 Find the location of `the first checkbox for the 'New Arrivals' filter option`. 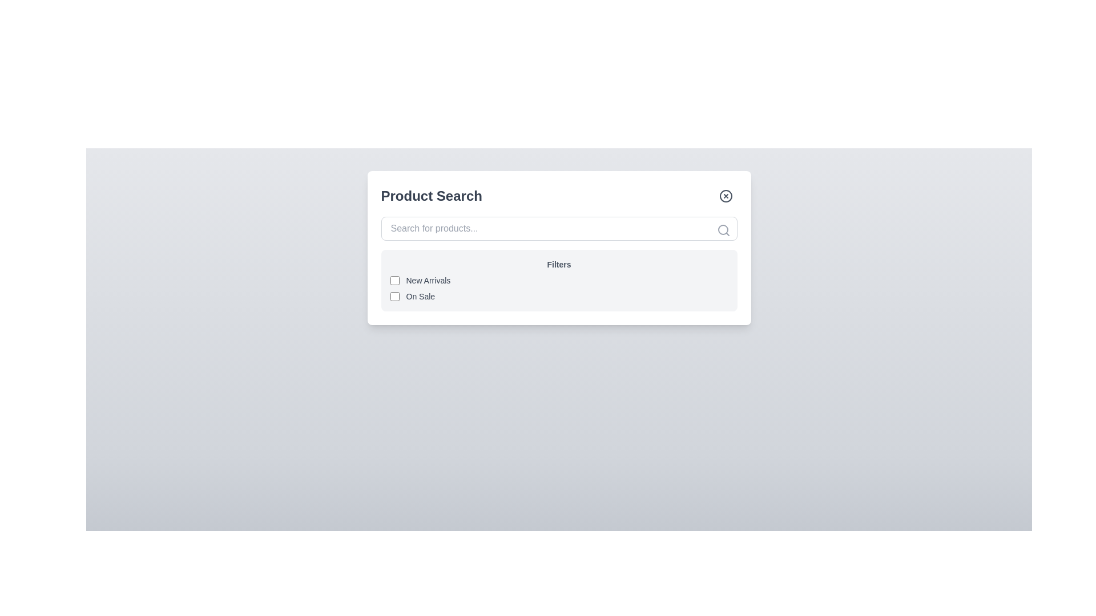

the first checkbox for the 'New Arrivals' filter option is located at coordinates (394, 281).